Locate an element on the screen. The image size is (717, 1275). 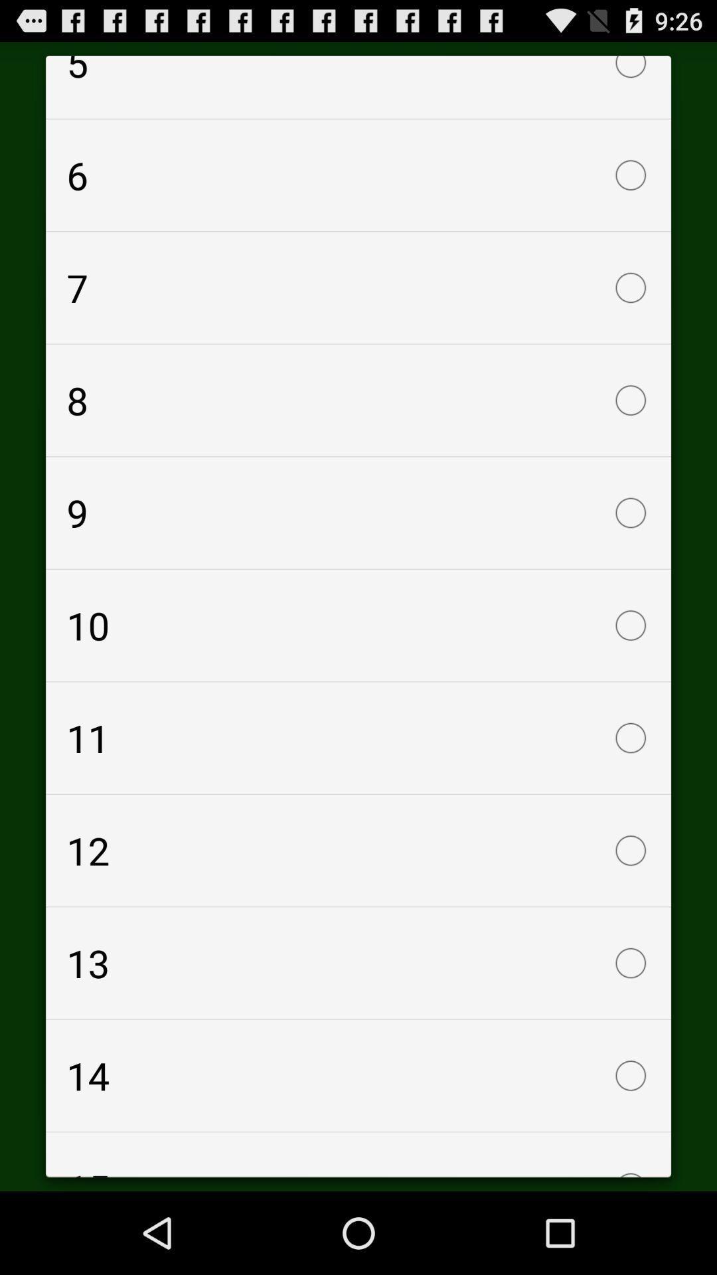
8 icon is located at coordinates (358, 400).